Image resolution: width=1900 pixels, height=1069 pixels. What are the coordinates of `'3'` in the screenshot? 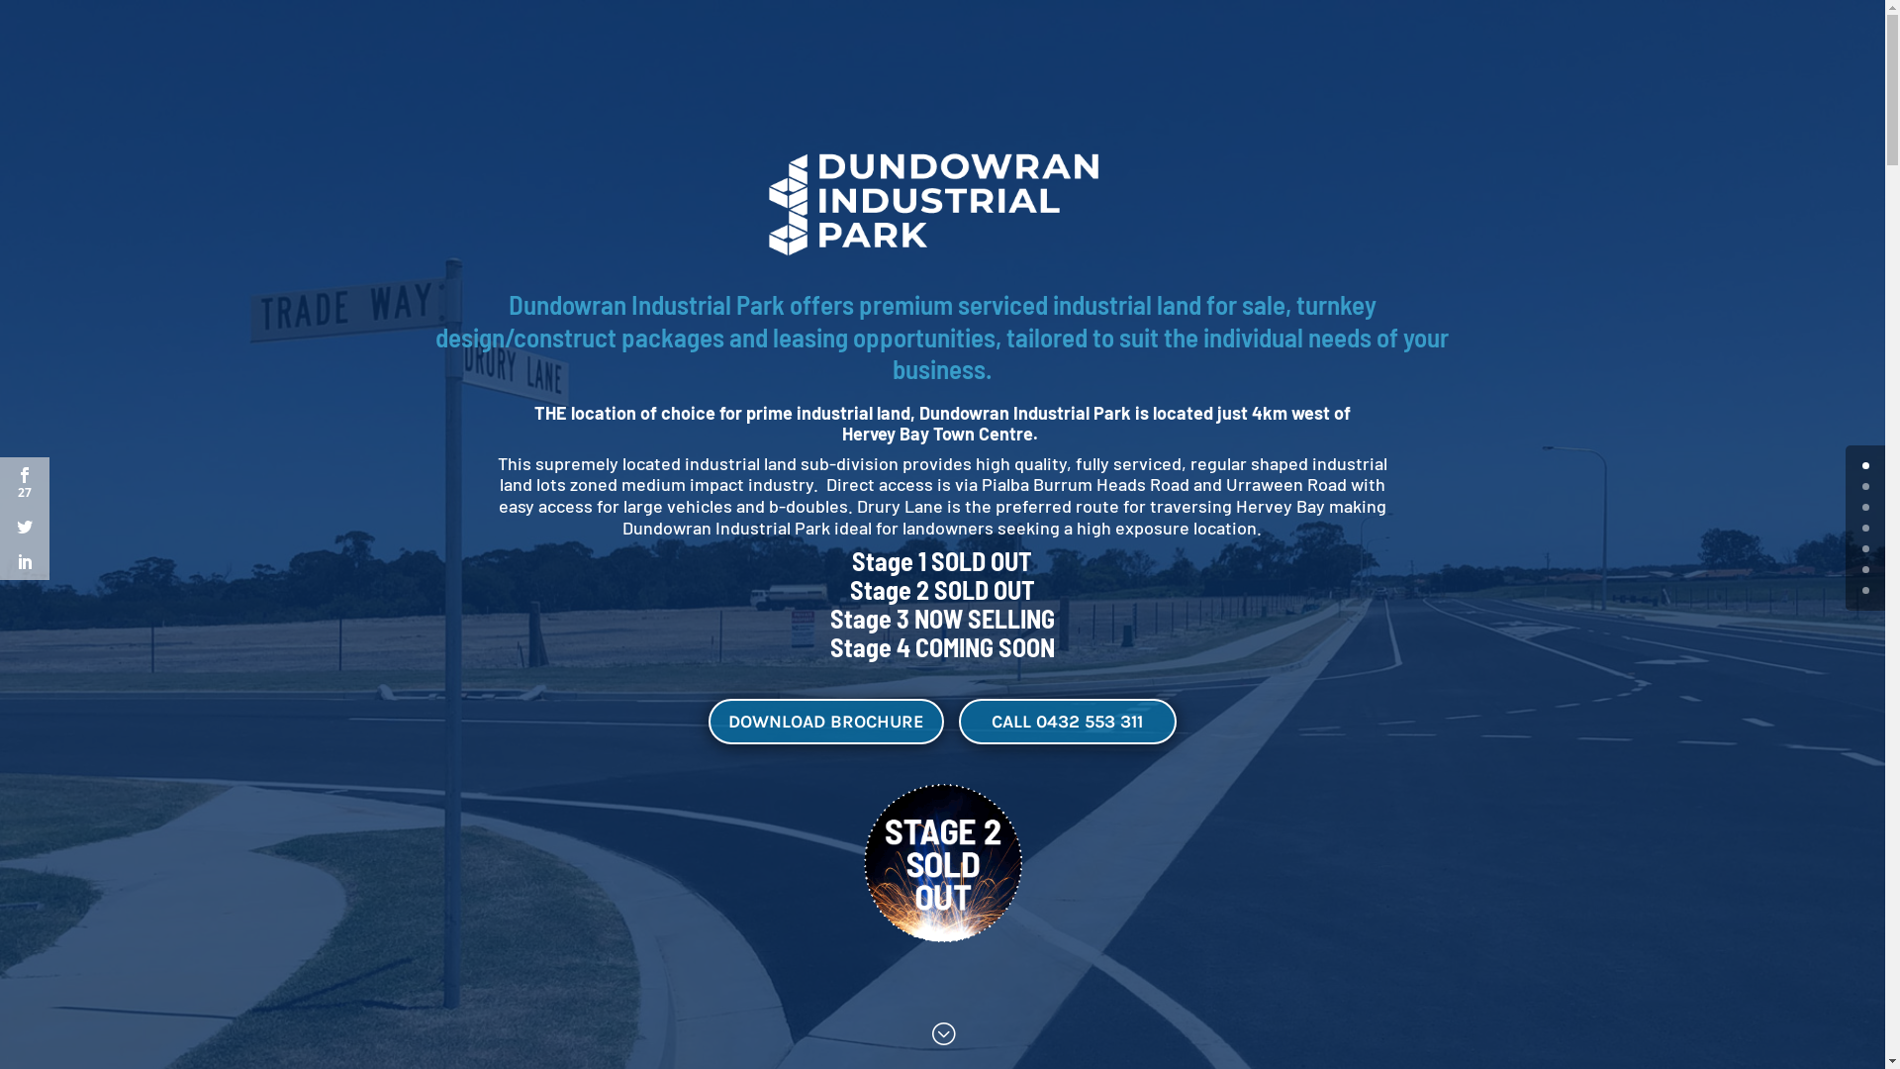 It's located at (1860, 527).